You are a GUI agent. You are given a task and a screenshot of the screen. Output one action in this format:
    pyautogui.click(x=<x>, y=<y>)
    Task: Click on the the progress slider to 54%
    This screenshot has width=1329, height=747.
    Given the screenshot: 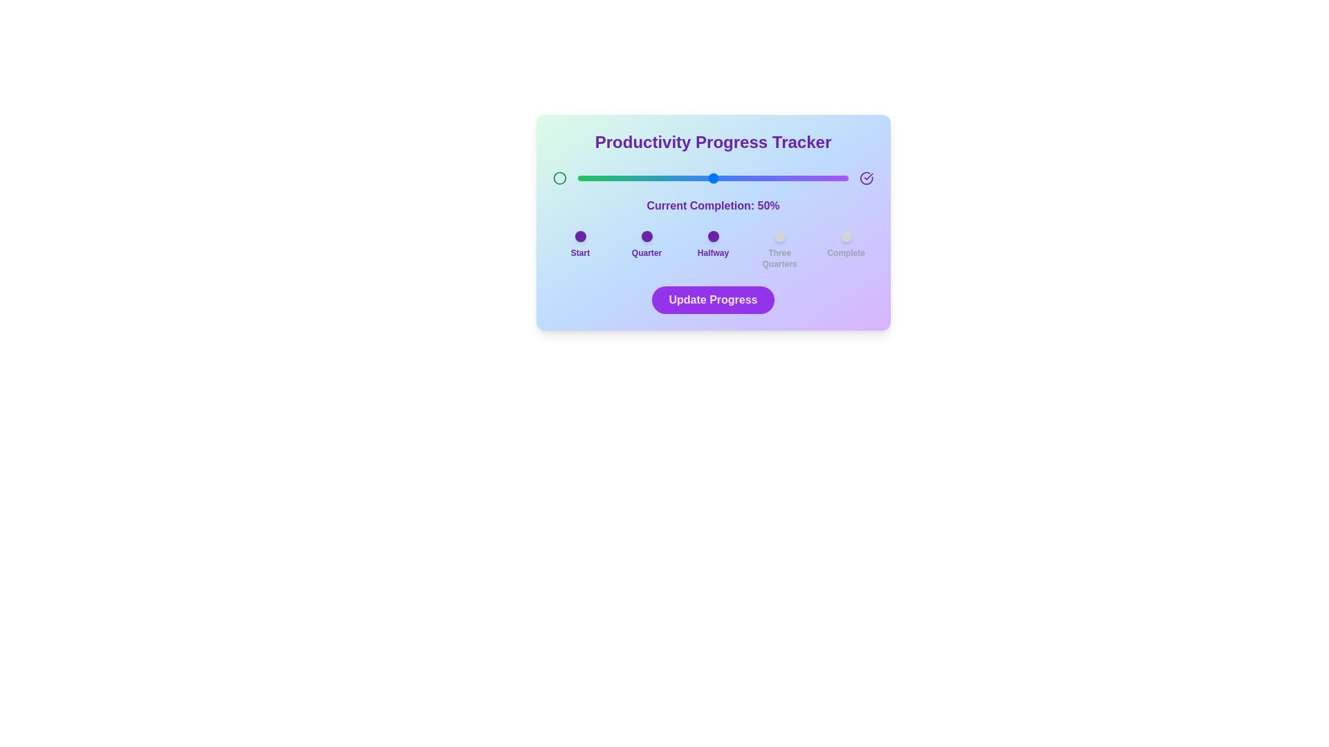 What is the action you would take?
    pyautogui.click(x=723, y=178)
    